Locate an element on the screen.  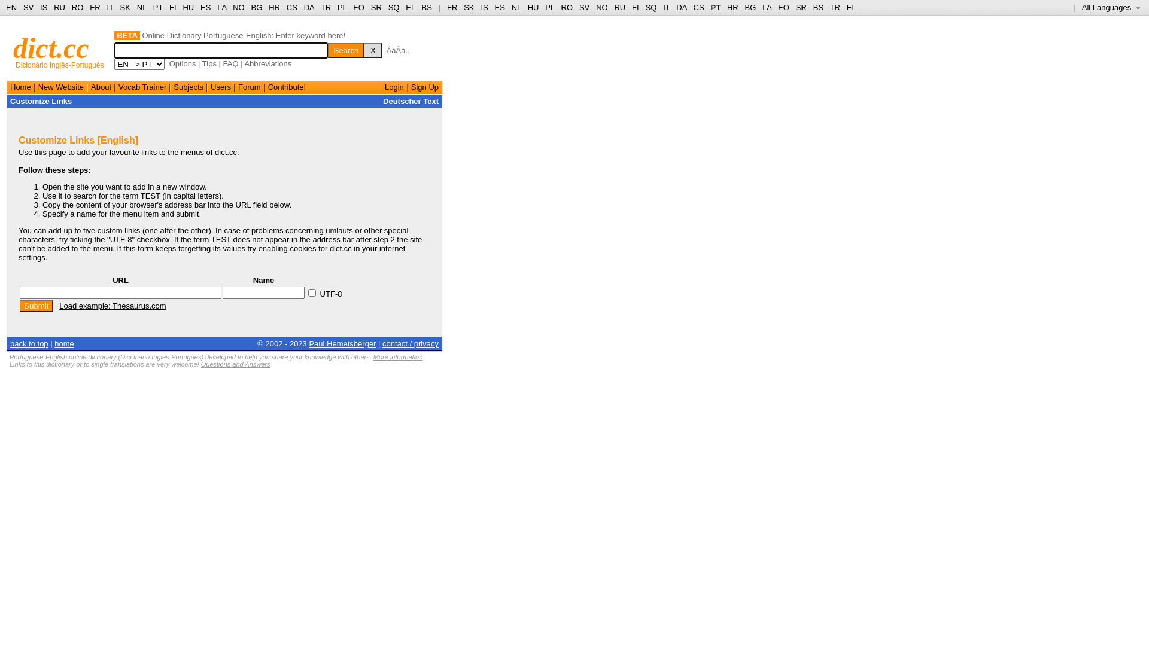
'Deutscher Text' is located at coordinates (411, 100).